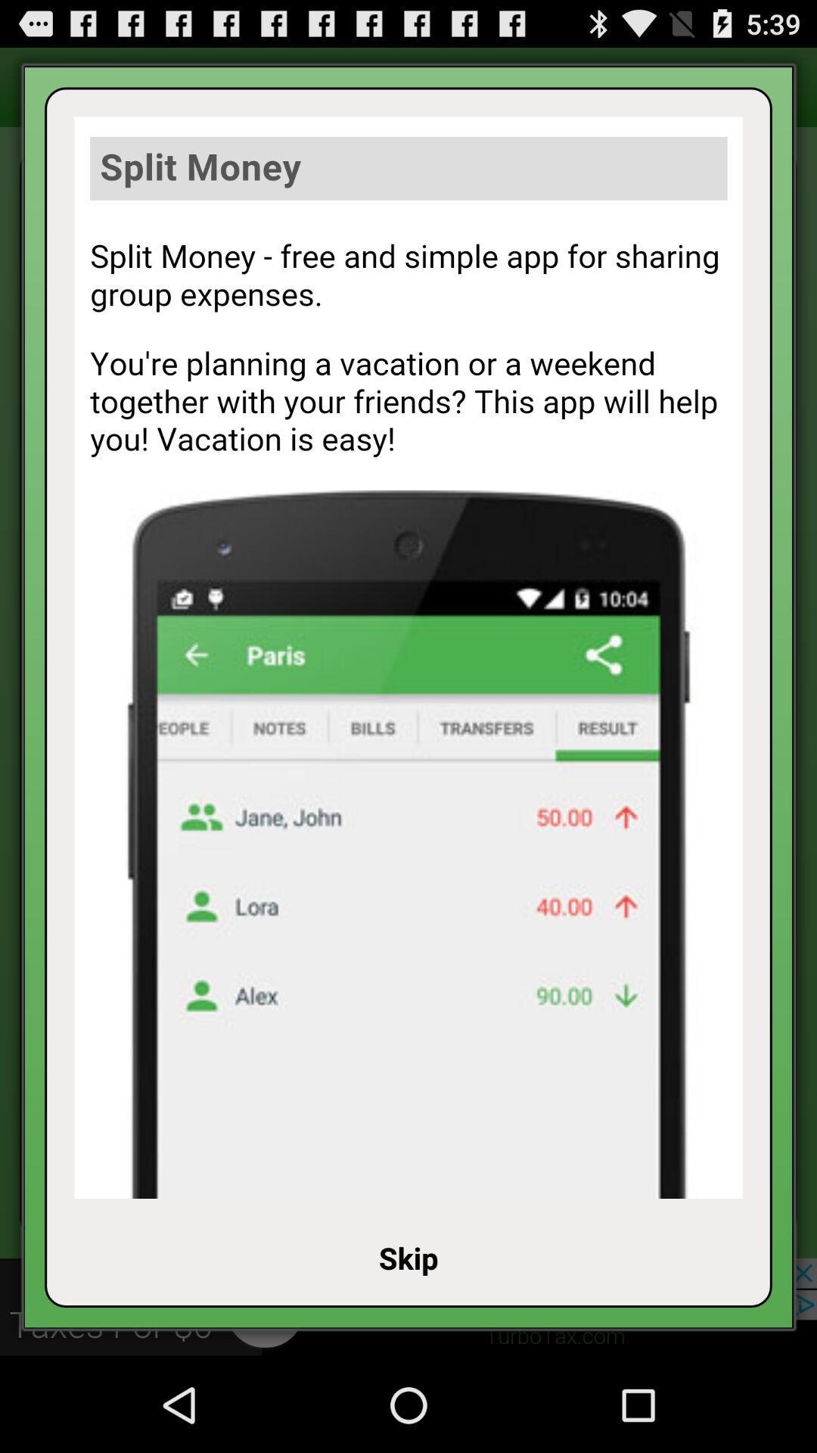 The width and height of the screenshot is (817, 1453). I want to click on t, so click(408, 658).